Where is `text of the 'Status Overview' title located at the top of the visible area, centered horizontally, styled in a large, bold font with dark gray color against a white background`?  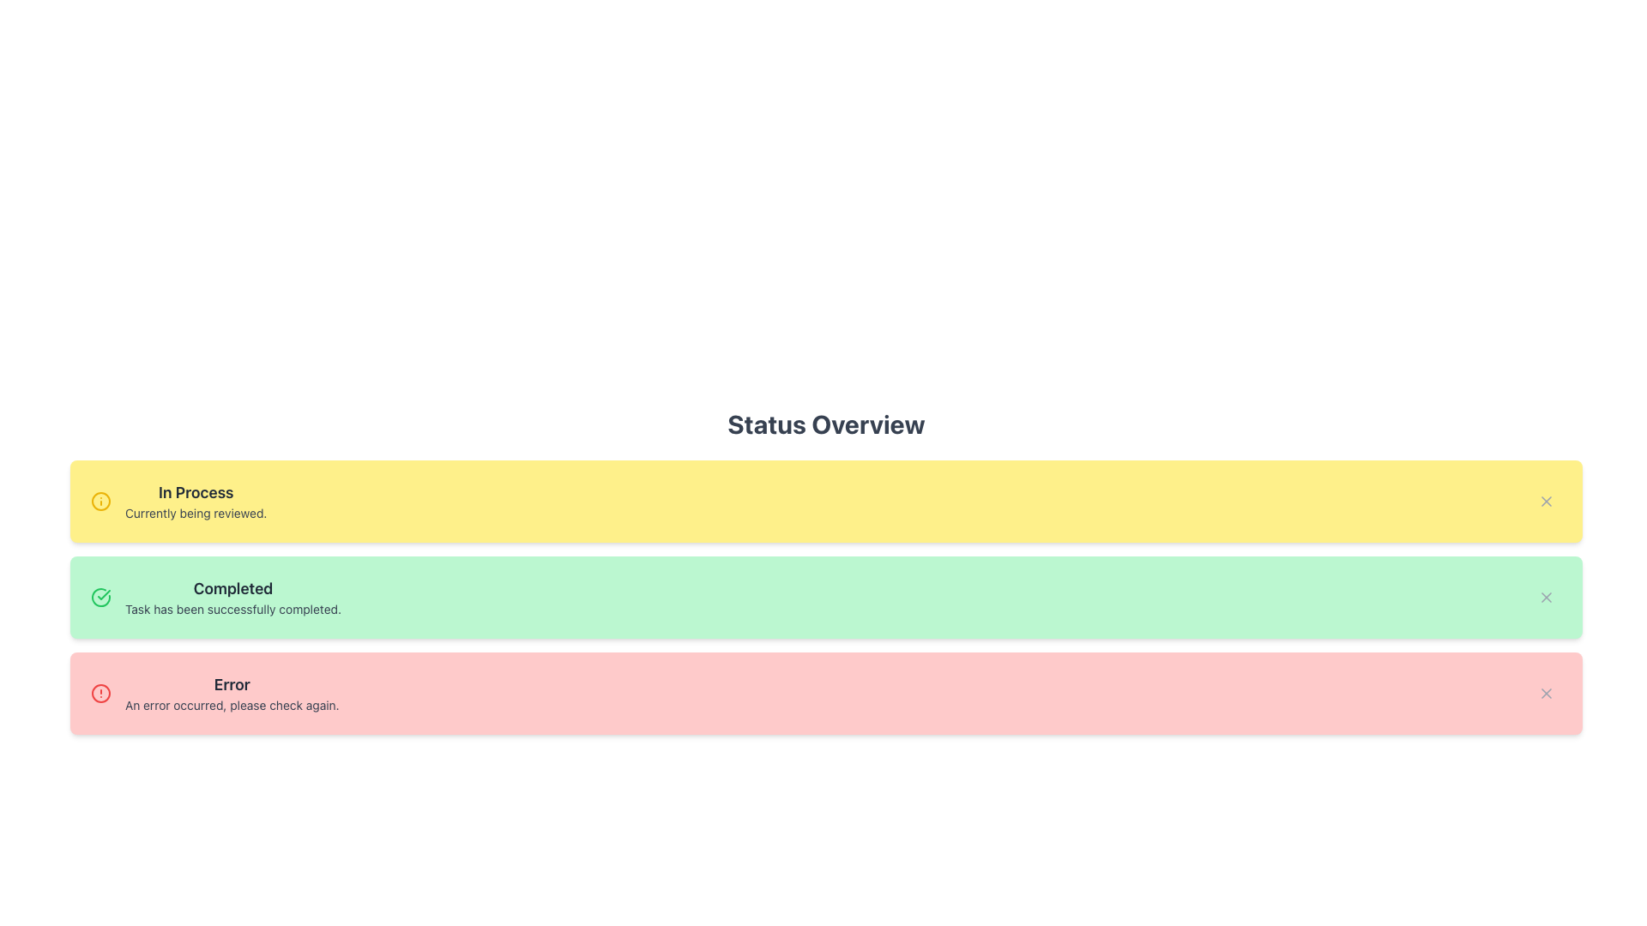
text of the 'Status Overview' title located at the top of the visible area, centered horizontally, styled in a large, bold font with dark gray color against a white background is located at coordinates (826, 424).